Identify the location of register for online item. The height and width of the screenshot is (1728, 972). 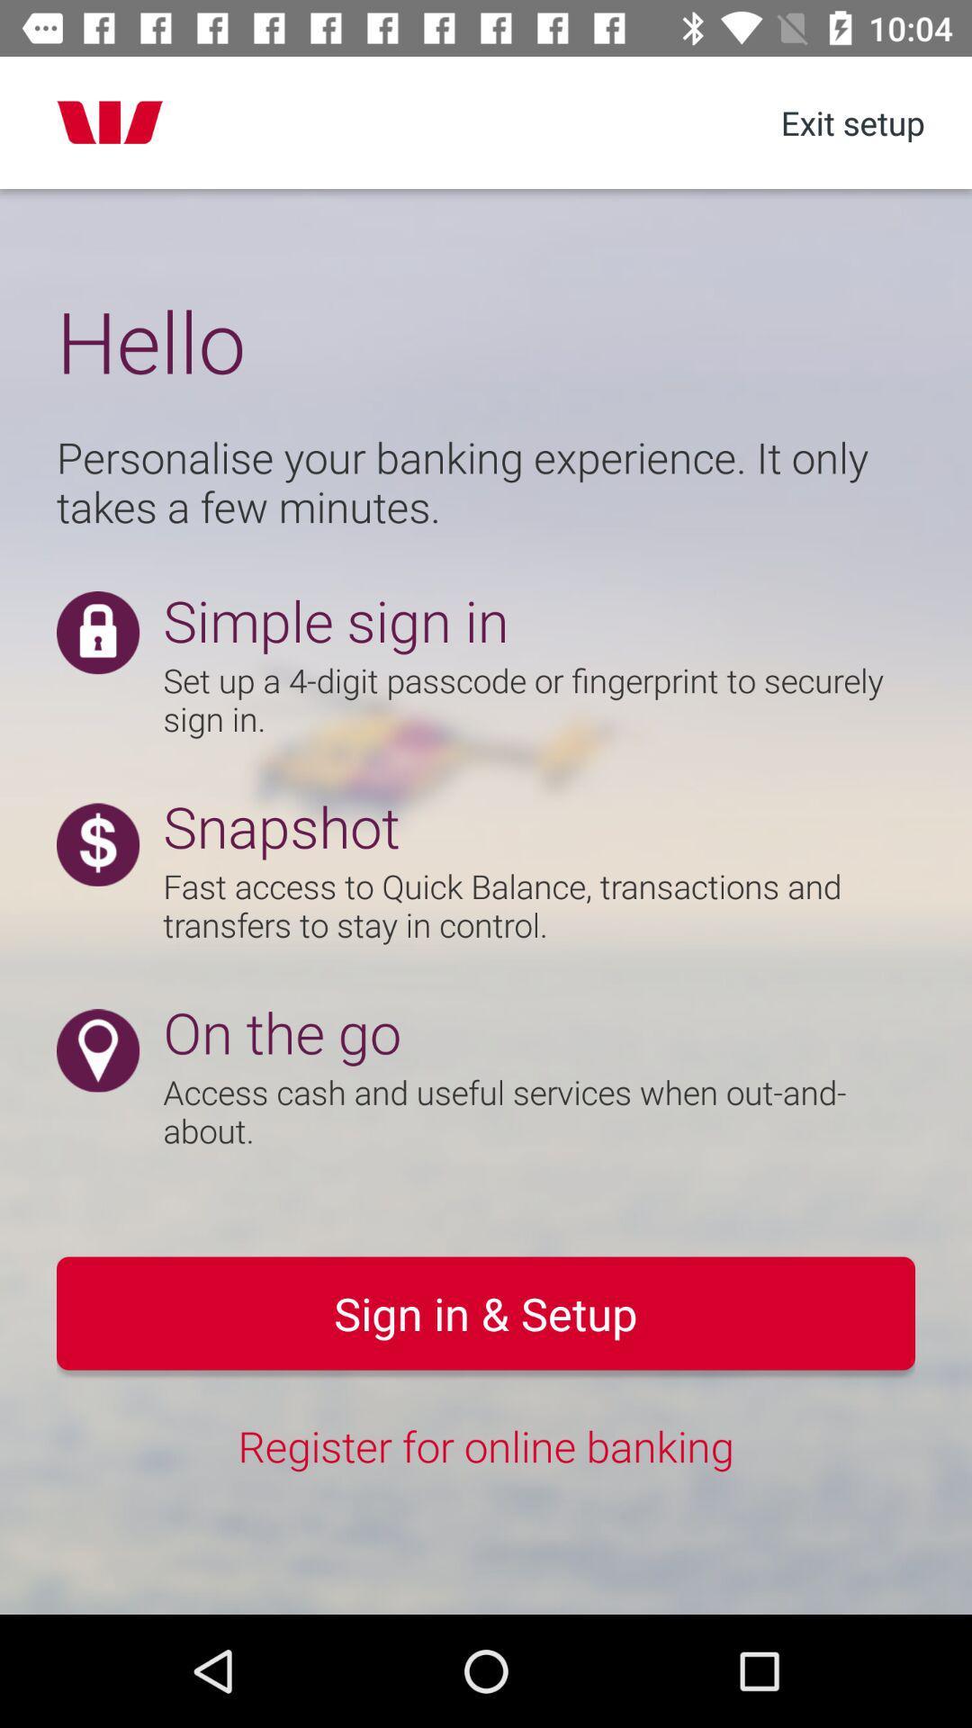
(486, 1445).